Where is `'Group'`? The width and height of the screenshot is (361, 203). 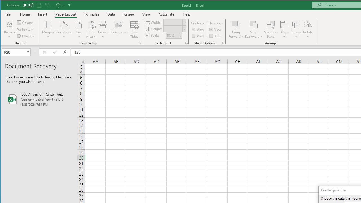
'Group' is located at coordinates (296, 29).